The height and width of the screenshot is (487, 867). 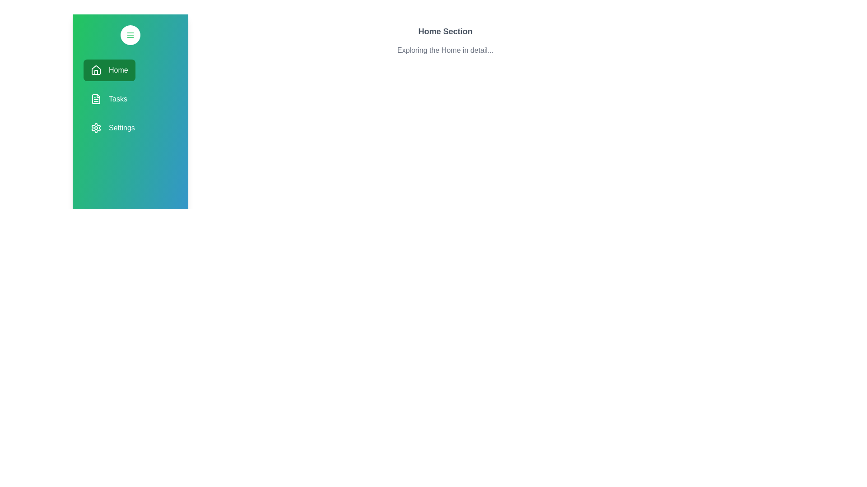 I want to click on keyboard navigation, so click(x=121, y=128).